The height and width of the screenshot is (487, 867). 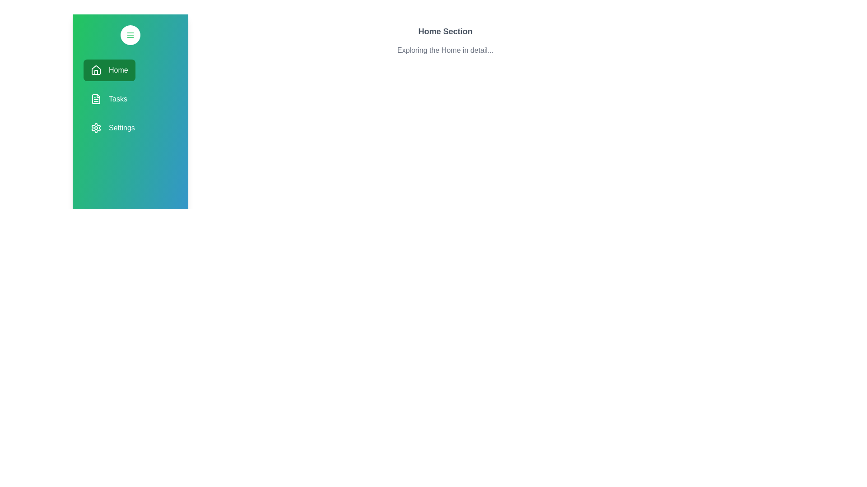 I want to click on keyboard navigation, so click(x=121, y=128).